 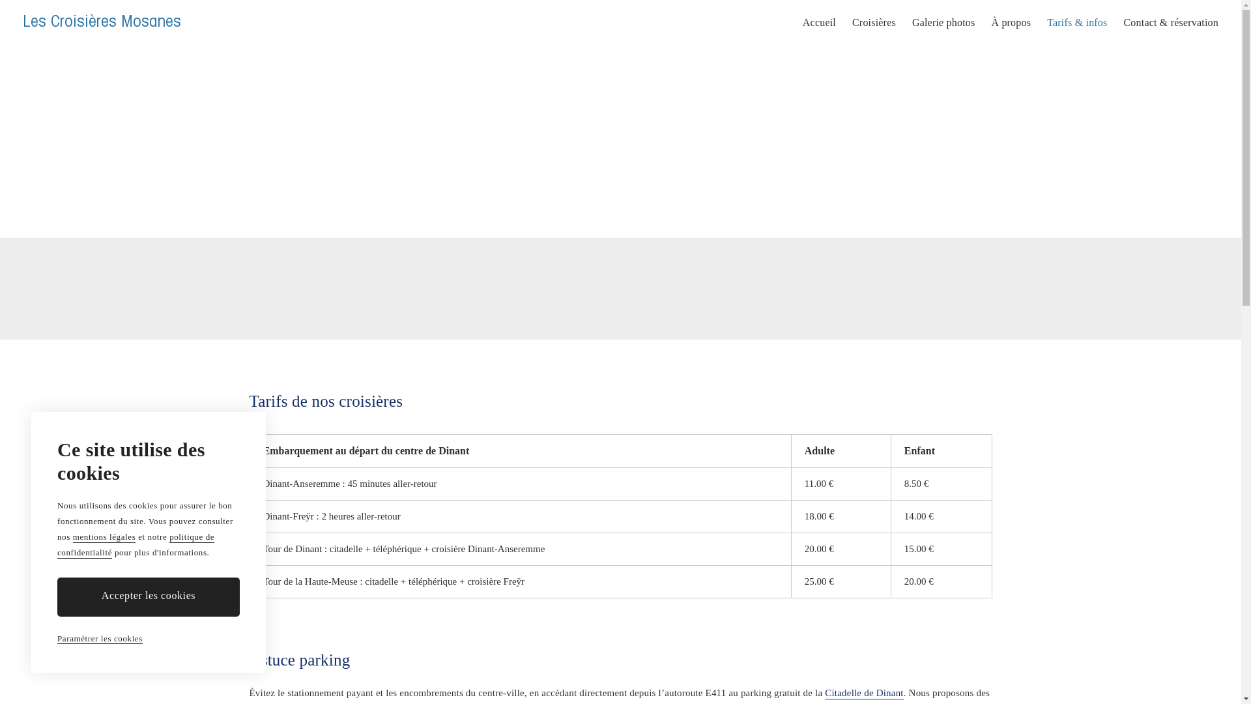 What do you see at coordinates (943, 22) in the screenshot?
I see `'Galerie photos'` at bounding box center [943, 22].